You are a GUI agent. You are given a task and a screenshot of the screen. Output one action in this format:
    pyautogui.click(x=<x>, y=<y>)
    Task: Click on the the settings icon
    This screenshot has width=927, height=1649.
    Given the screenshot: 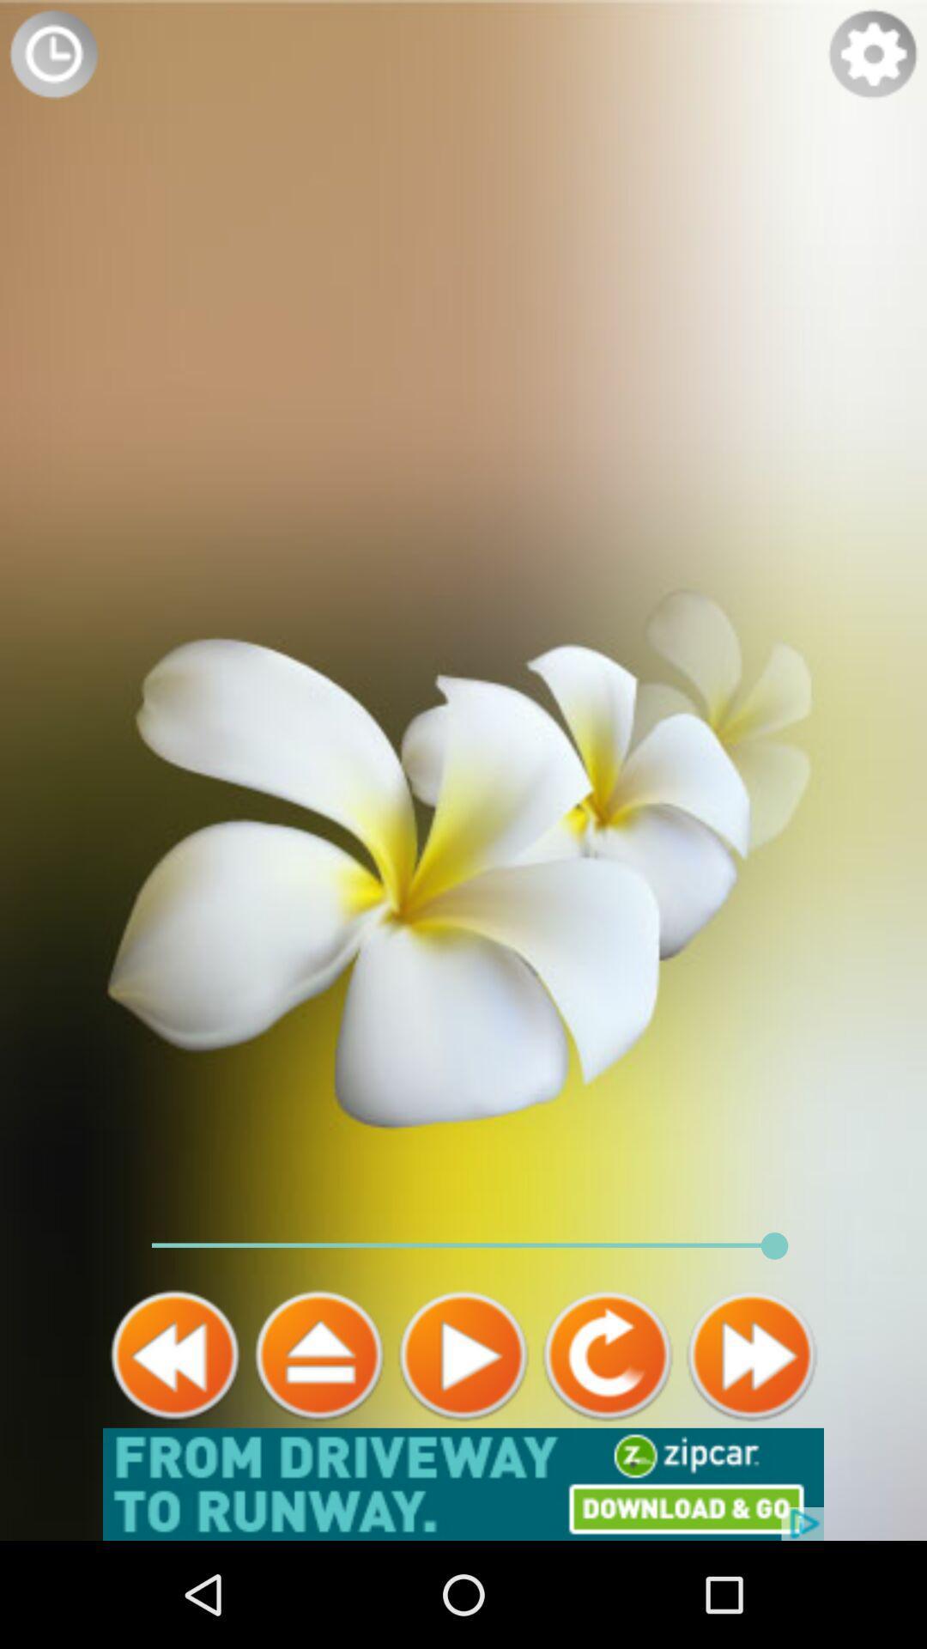 What is the action you would take?
    pyautogui.click(x=873, y=53)
    